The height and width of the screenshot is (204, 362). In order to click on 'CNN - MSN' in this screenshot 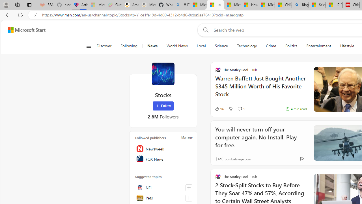, I will do `click(283, 5)`.